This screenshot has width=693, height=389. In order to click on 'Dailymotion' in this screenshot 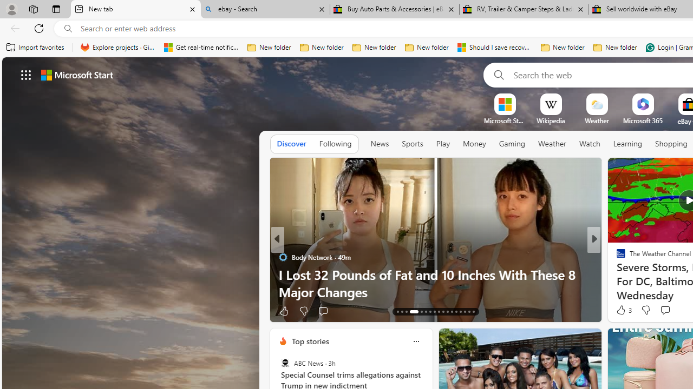, I will do `click(616, 273)`.